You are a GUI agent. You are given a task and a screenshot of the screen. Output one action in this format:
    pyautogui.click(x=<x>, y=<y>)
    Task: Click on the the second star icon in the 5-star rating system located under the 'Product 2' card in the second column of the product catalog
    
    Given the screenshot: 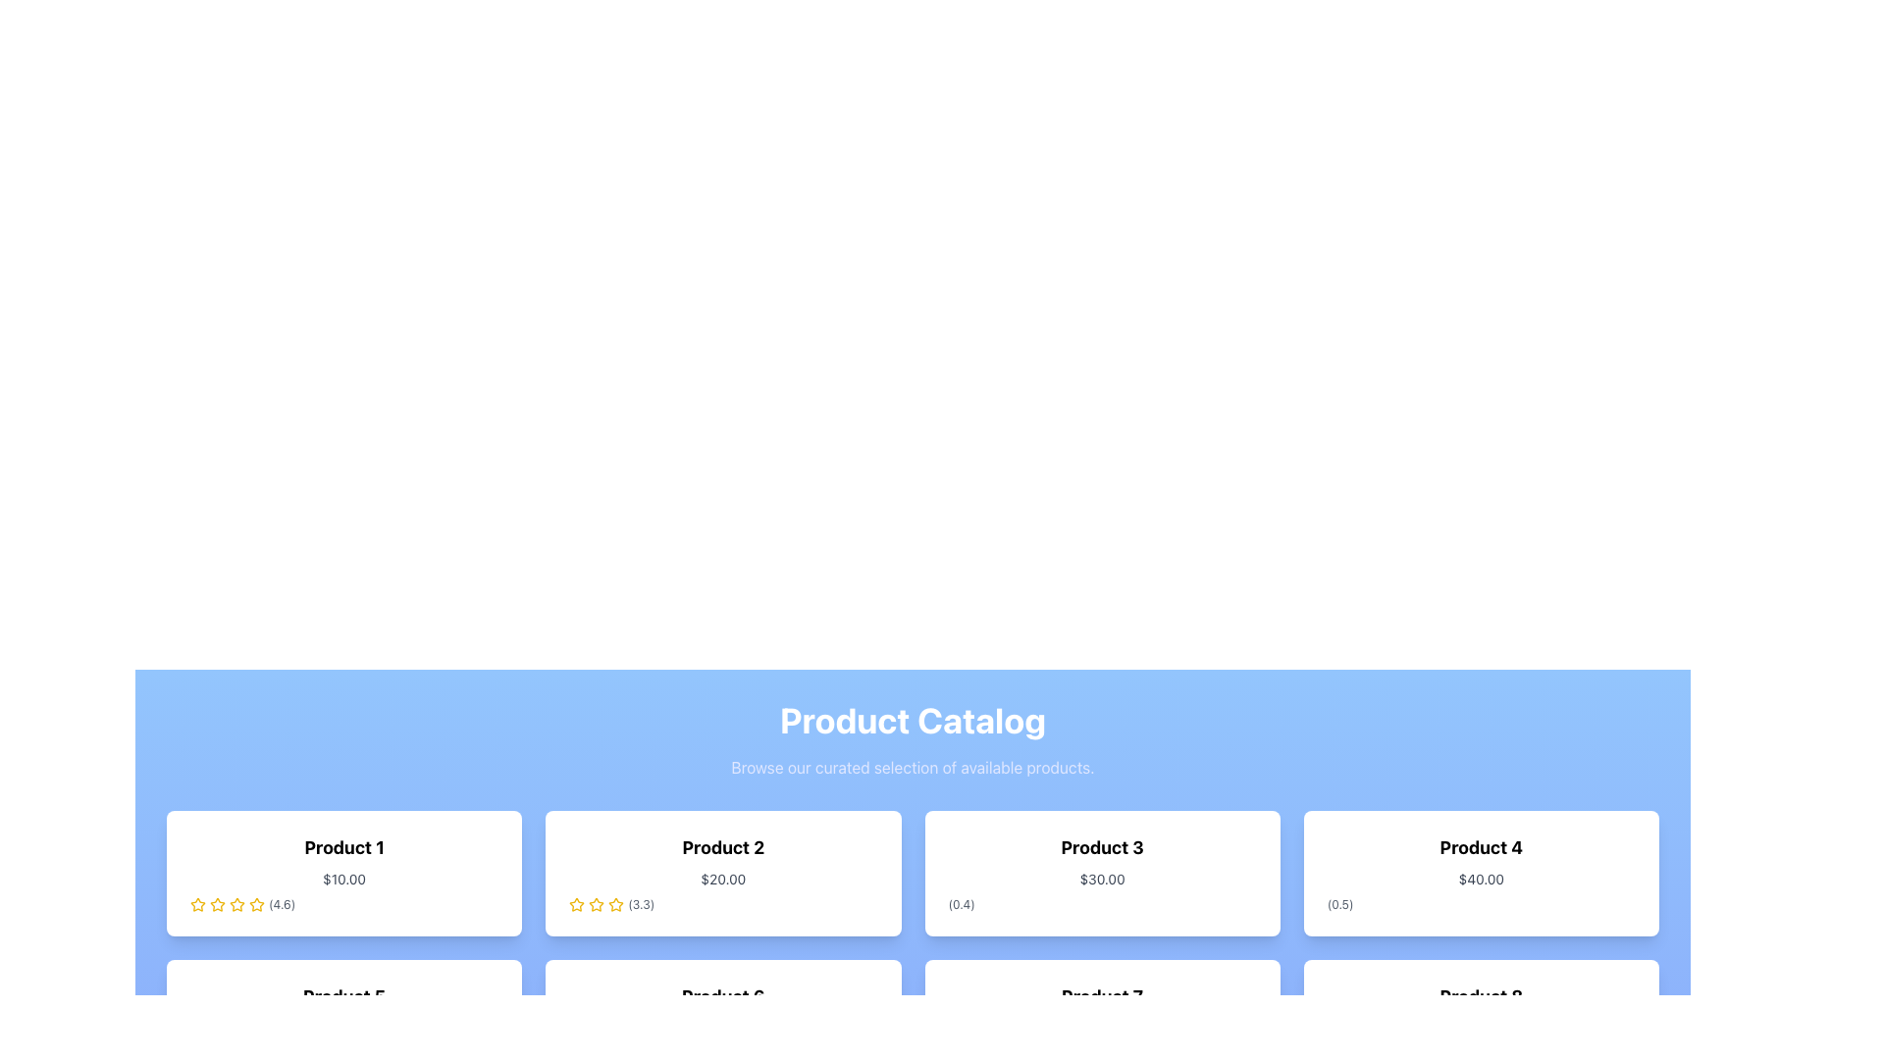 What is the action you would take?
    pyautogui.click(x=615, y=904)
    